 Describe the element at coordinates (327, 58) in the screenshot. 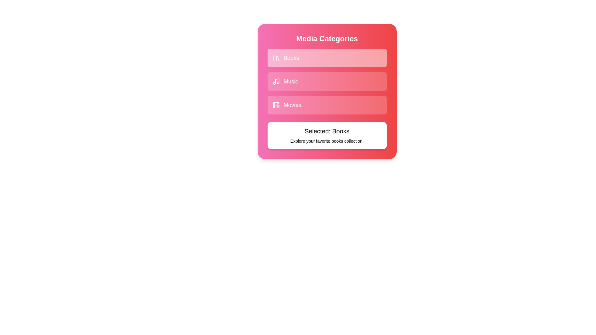

I see `the category Books to observe the hover effect` at that location.